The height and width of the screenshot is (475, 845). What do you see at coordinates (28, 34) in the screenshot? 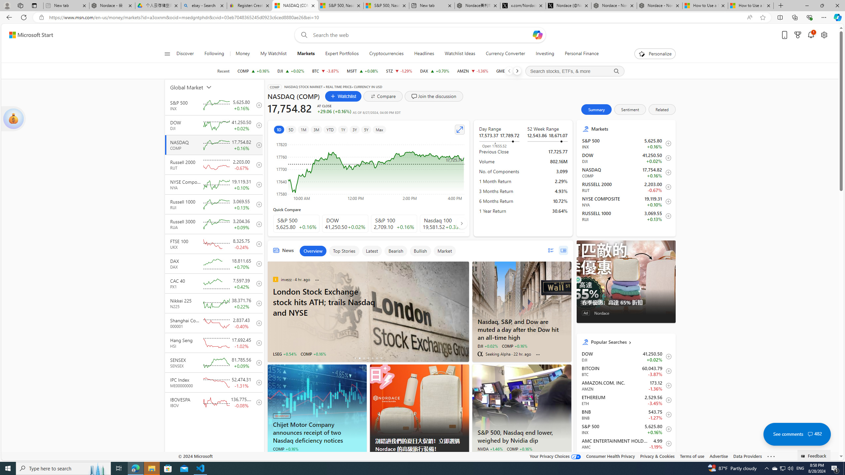
I see `'Skip to content'` at bounding box center [28, 34].